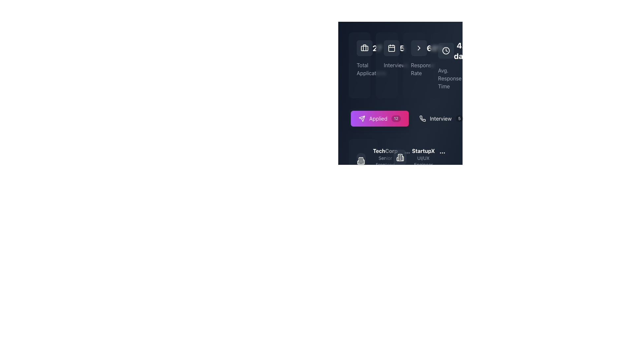 The image size is (633, 356). I want to click on the small white building icon located at the bottom left of the job application listing card, adjacent to the bold 'TechCorp' text, so click(363, 161).